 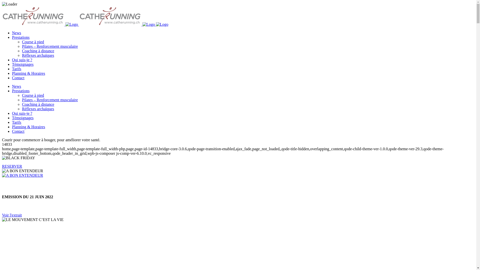 What do you see at coordinates (28, 126) in the screenshot?
I see `'Planning & Horaires'` at bounding box center [28, 126].